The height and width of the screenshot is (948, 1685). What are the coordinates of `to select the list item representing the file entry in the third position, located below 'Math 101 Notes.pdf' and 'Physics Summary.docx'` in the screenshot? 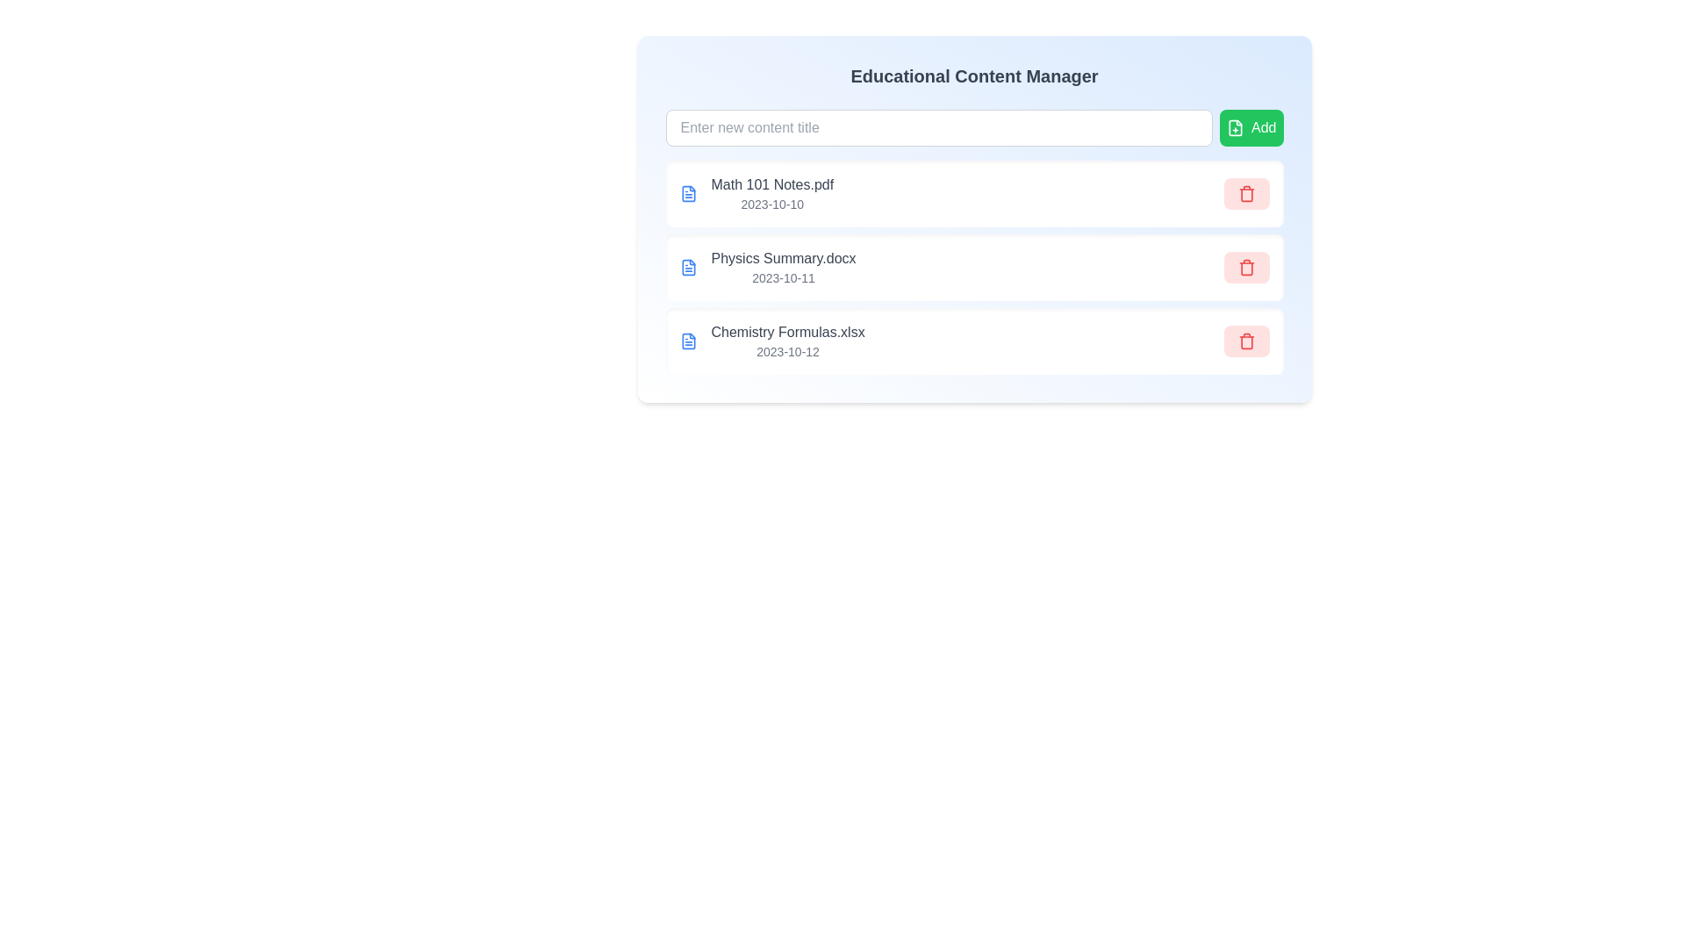 It's located at (786, 341).